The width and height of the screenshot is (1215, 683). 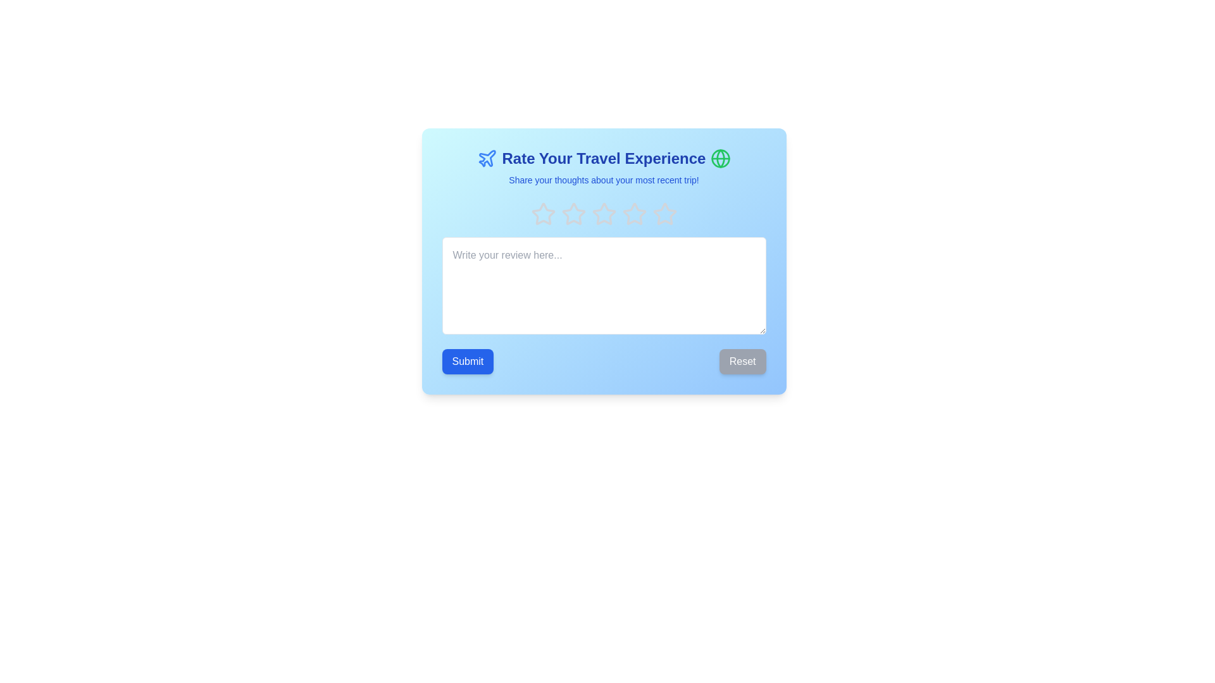 I want to click on the 'Reset' button, which is a rectangular button with white text on a gray background located in the bottom-right corner of a blue modal, so click(x=742, y=361).